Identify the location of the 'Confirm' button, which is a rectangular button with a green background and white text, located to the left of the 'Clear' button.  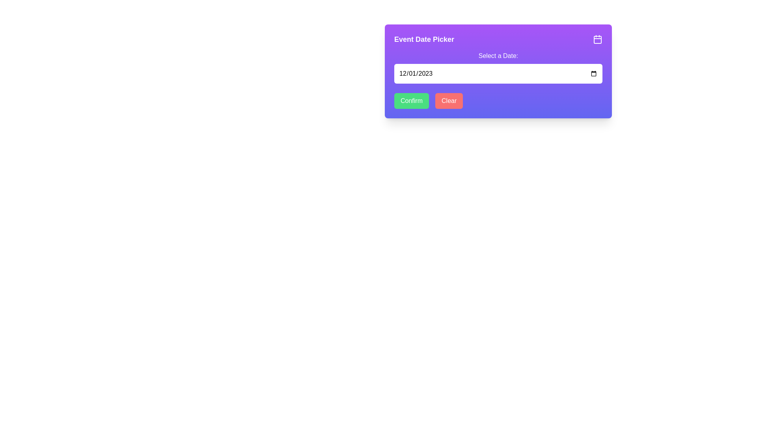
(411, 100).